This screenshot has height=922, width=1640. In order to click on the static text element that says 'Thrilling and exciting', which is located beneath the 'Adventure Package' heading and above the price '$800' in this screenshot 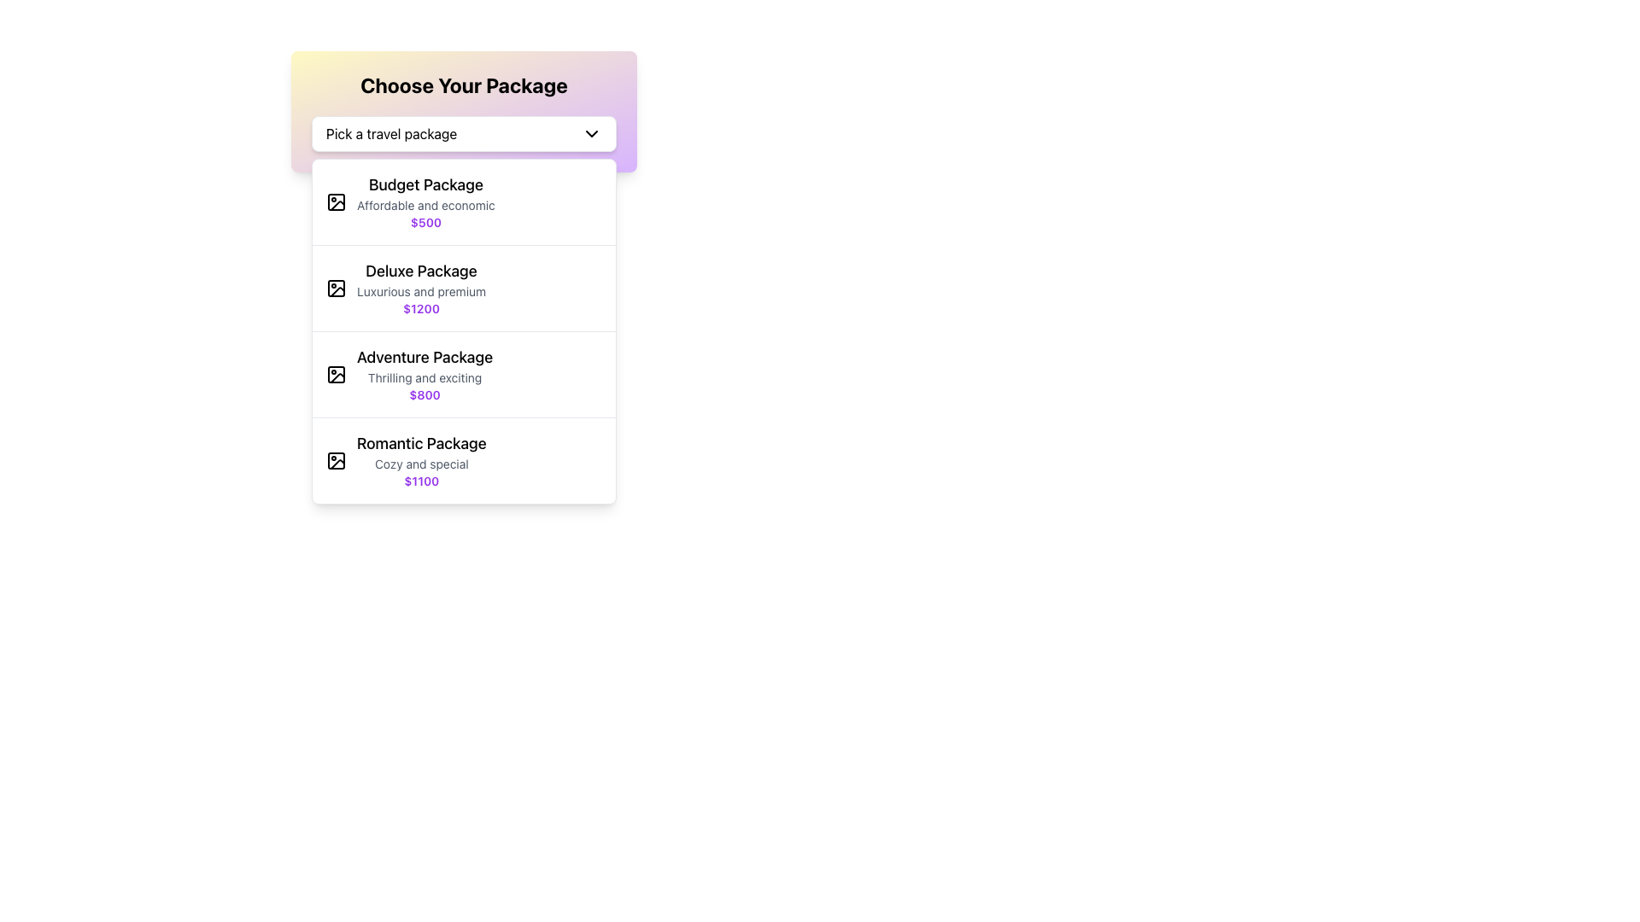, I will do `click(425, 377)`.